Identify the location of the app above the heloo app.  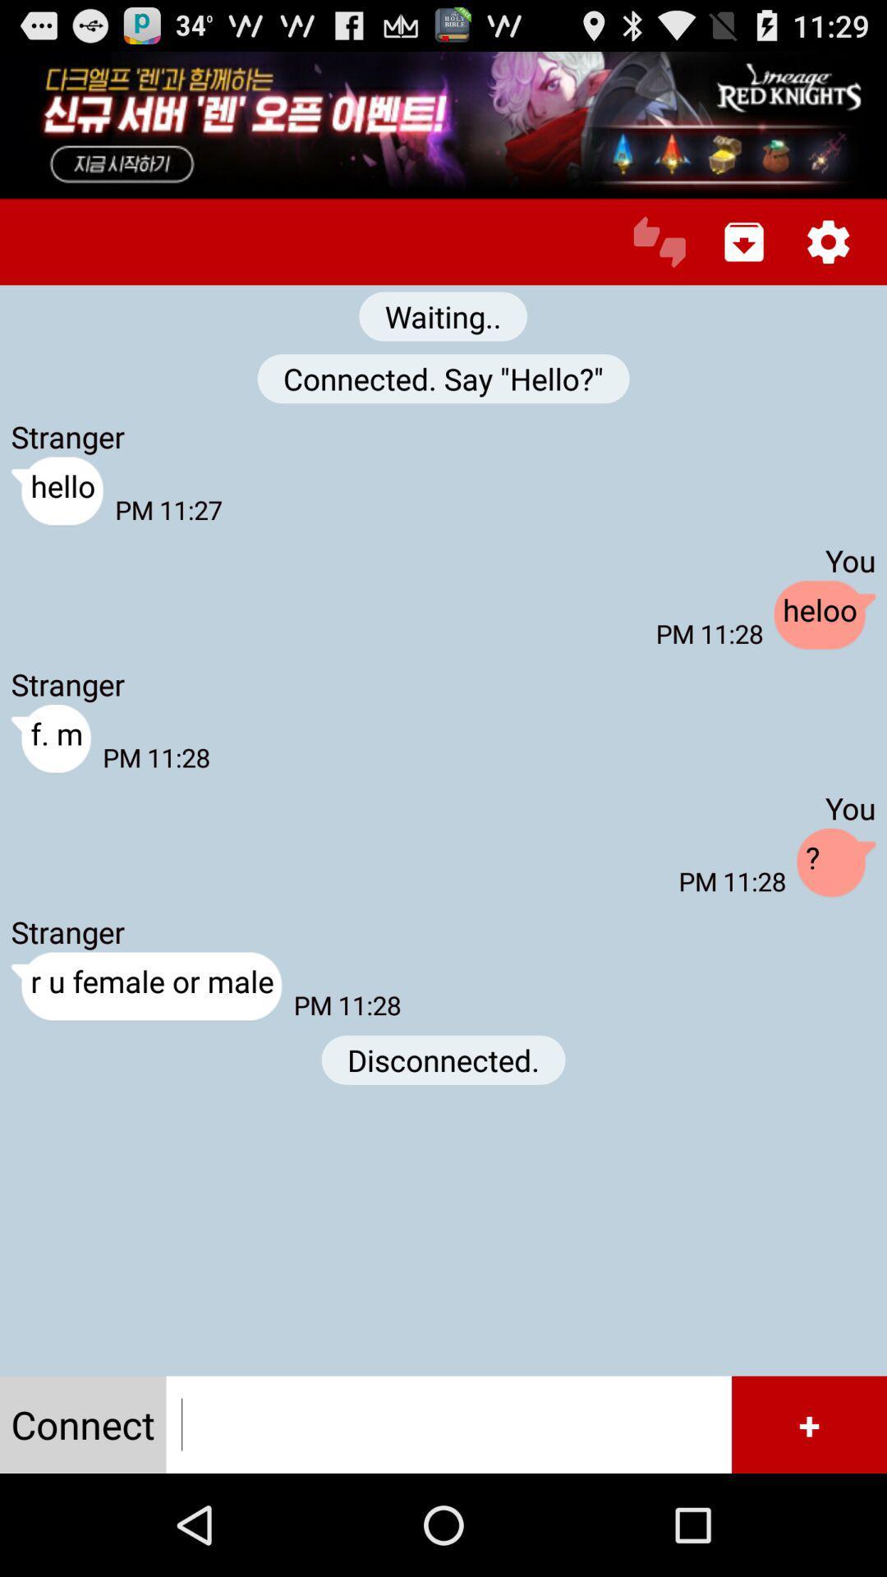
(744, 241).